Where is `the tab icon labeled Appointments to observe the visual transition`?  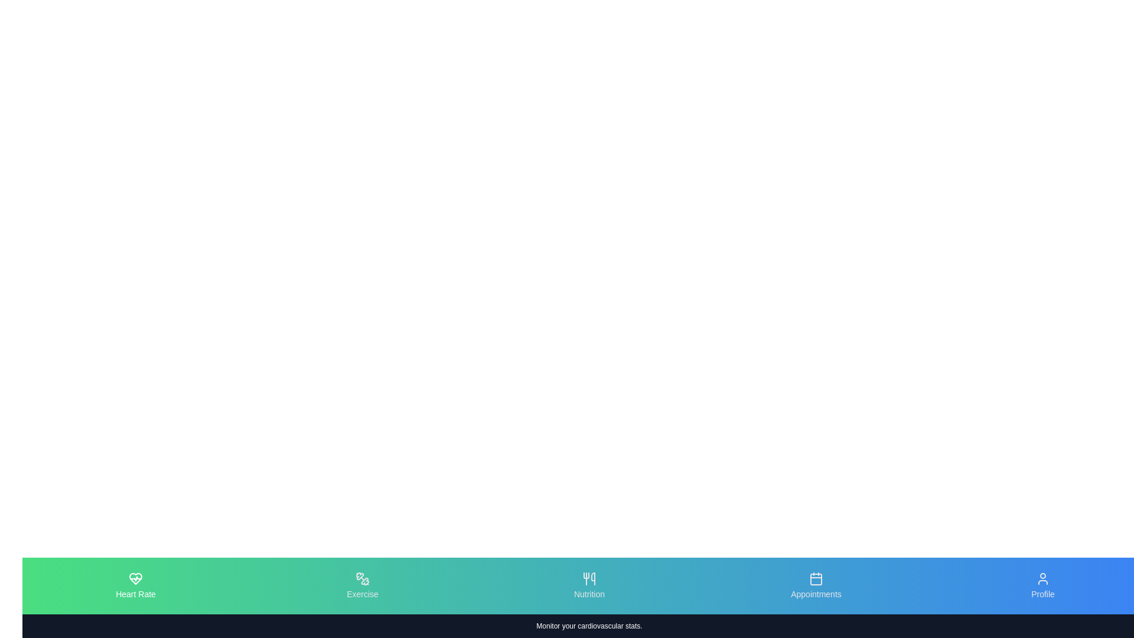
the tab icon labeled Appointments to observe the visual transition is located at coordinates (816, 585).